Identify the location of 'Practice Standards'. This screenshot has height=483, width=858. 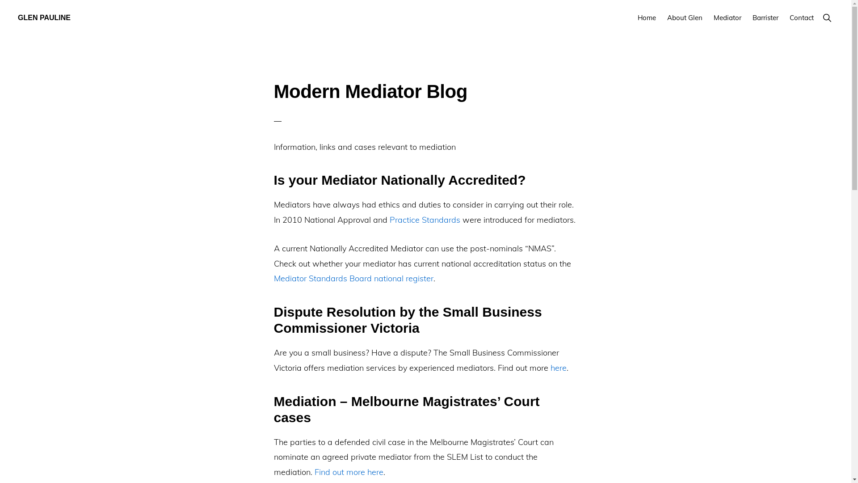
(424, 220).